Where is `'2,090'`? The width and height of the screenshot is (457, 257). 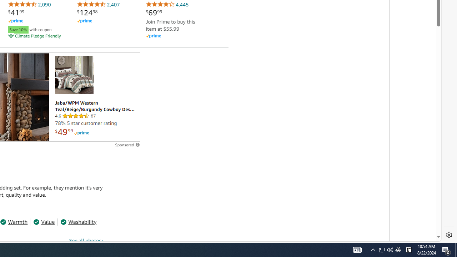 '2,090' is located at coordinates (29, 4).